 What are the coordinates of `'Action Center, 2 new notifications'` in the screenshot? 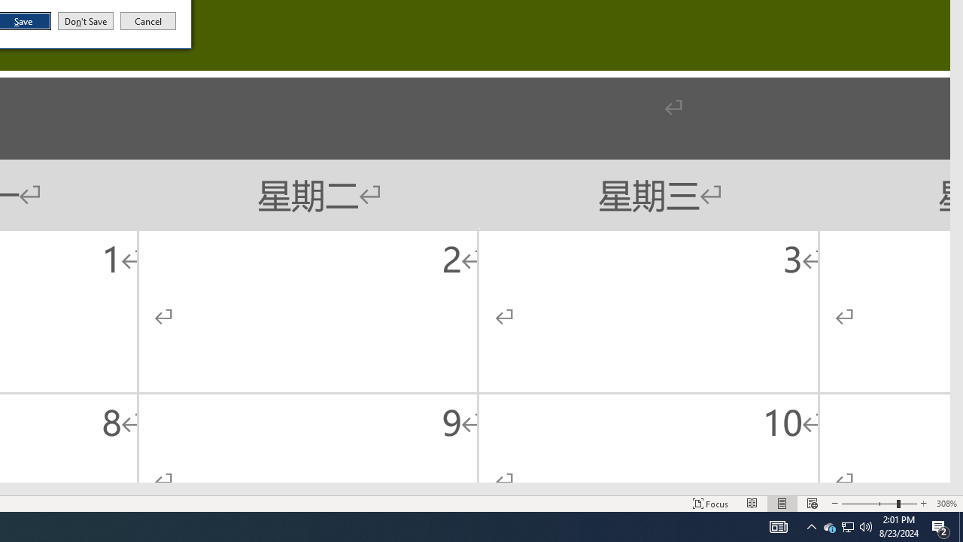 It's located at (940, 525).